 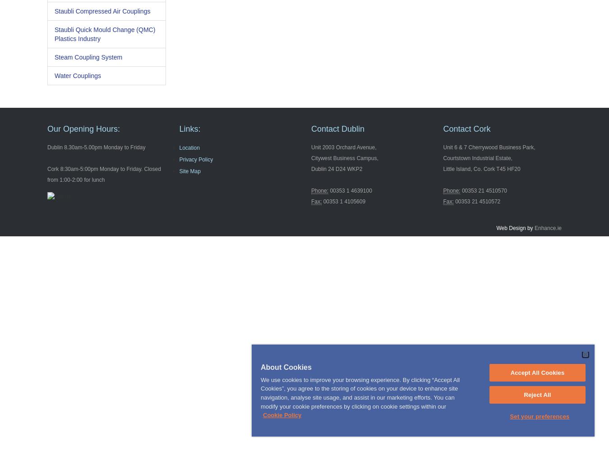 What do you see at coordinates (328, 191) in the screenshot?
I see `'00353 1 4639100'` at bounding box center [328, 191].